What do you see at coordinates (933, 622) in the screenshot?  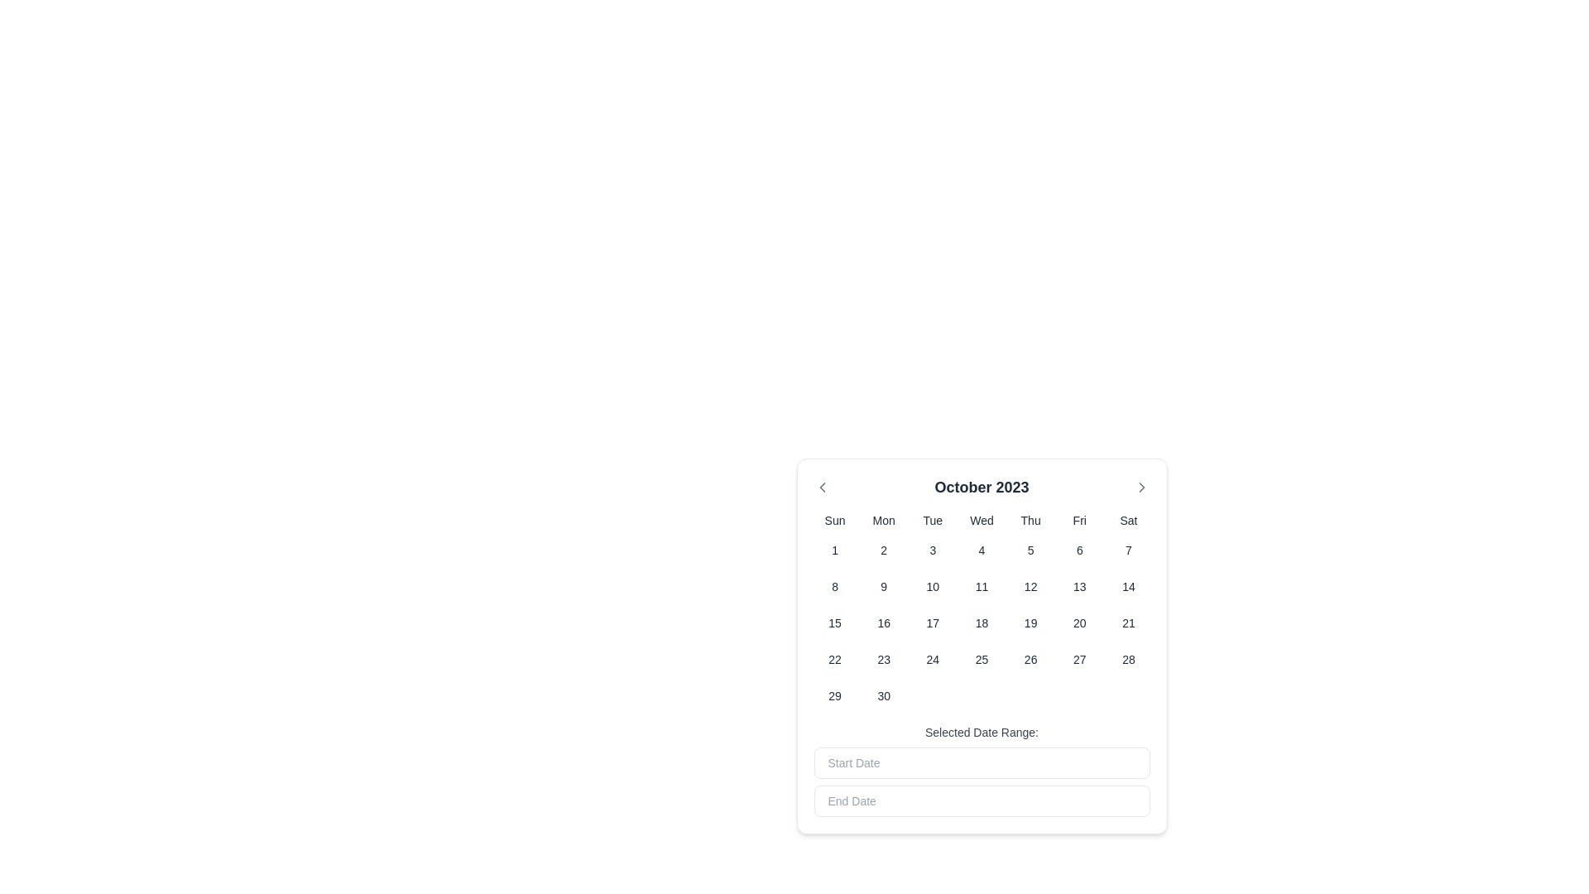 I see `the small, square button with a rounded border displaying the number '17' in dark gray, located in the third column of the third row under 'Tue'` at bounding box center [933, 622].